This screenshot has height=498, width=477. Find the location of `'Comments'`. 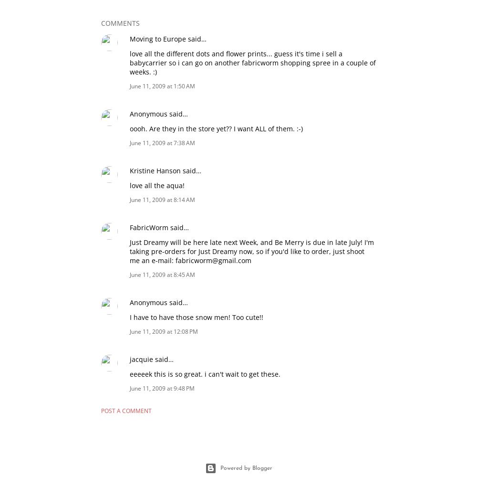

'Comments' is located at coordinates (120, 22).